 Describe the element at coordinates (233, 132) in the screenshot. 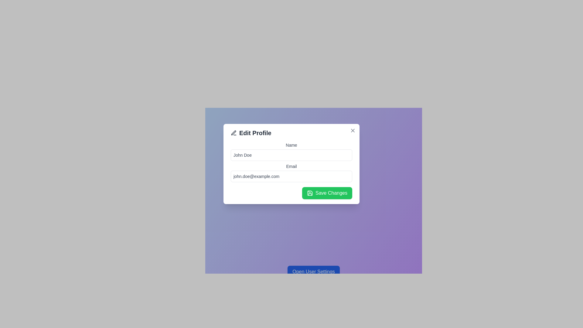

I see `the pen icon that indicates the editing section for the 'Edit Profile' dialog box` at that location.